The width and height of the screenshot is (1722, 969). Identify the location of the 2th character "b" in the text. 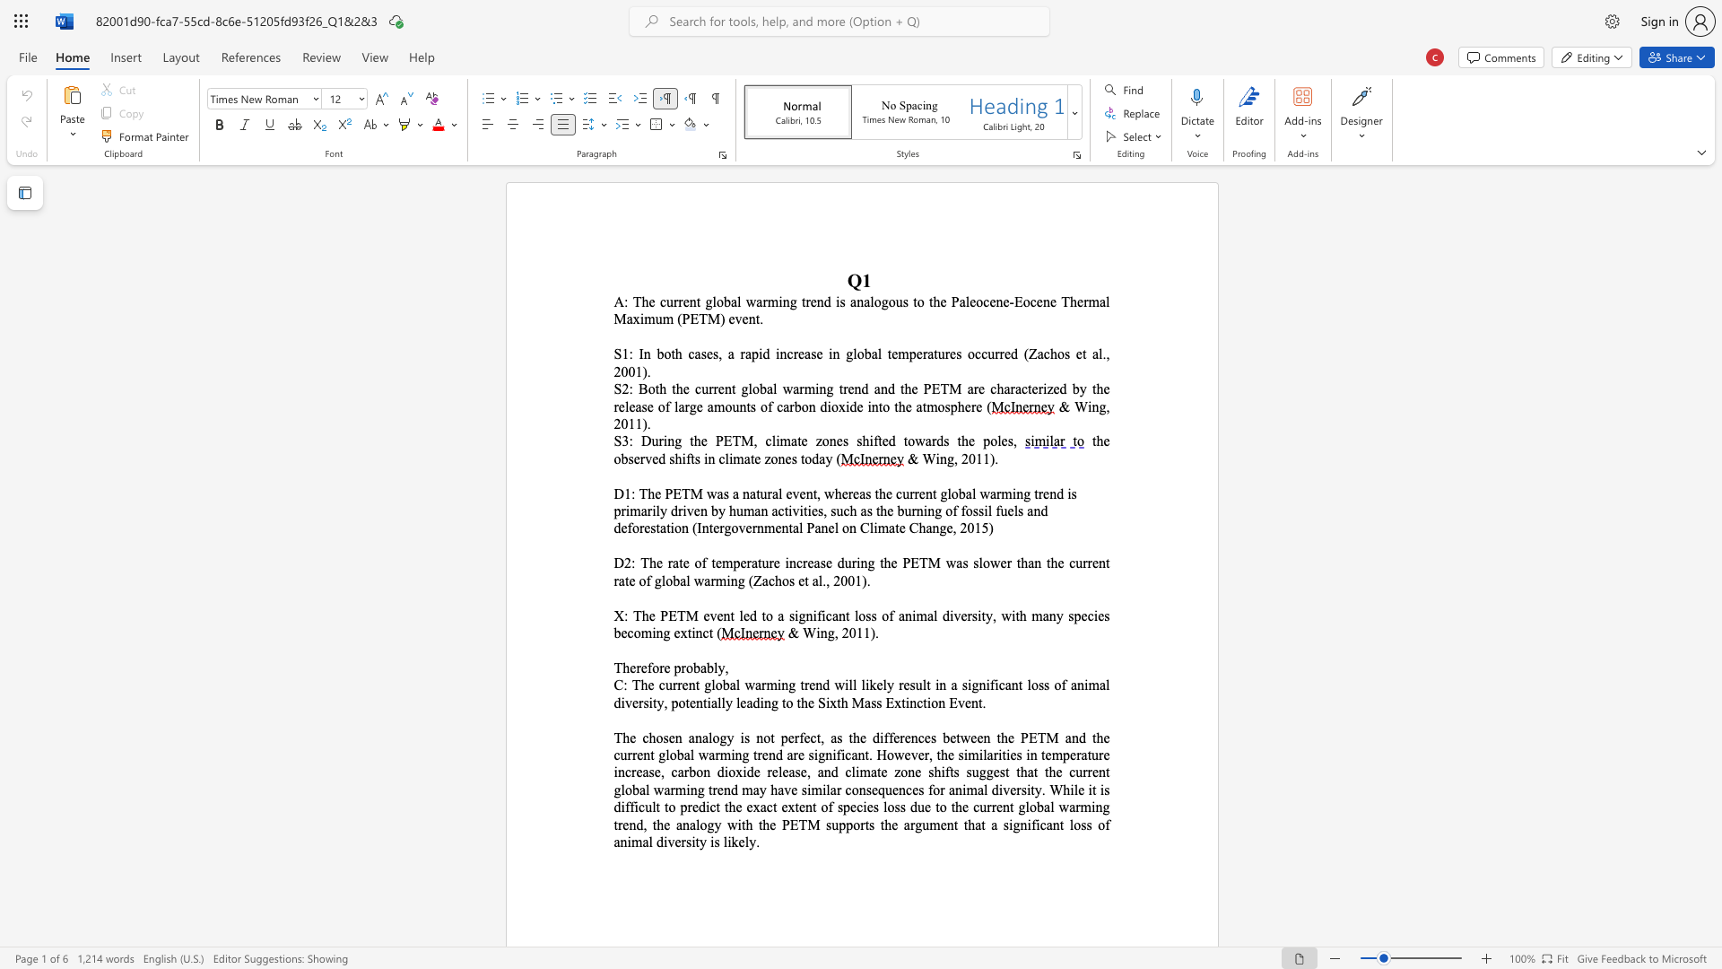
(709, 668).